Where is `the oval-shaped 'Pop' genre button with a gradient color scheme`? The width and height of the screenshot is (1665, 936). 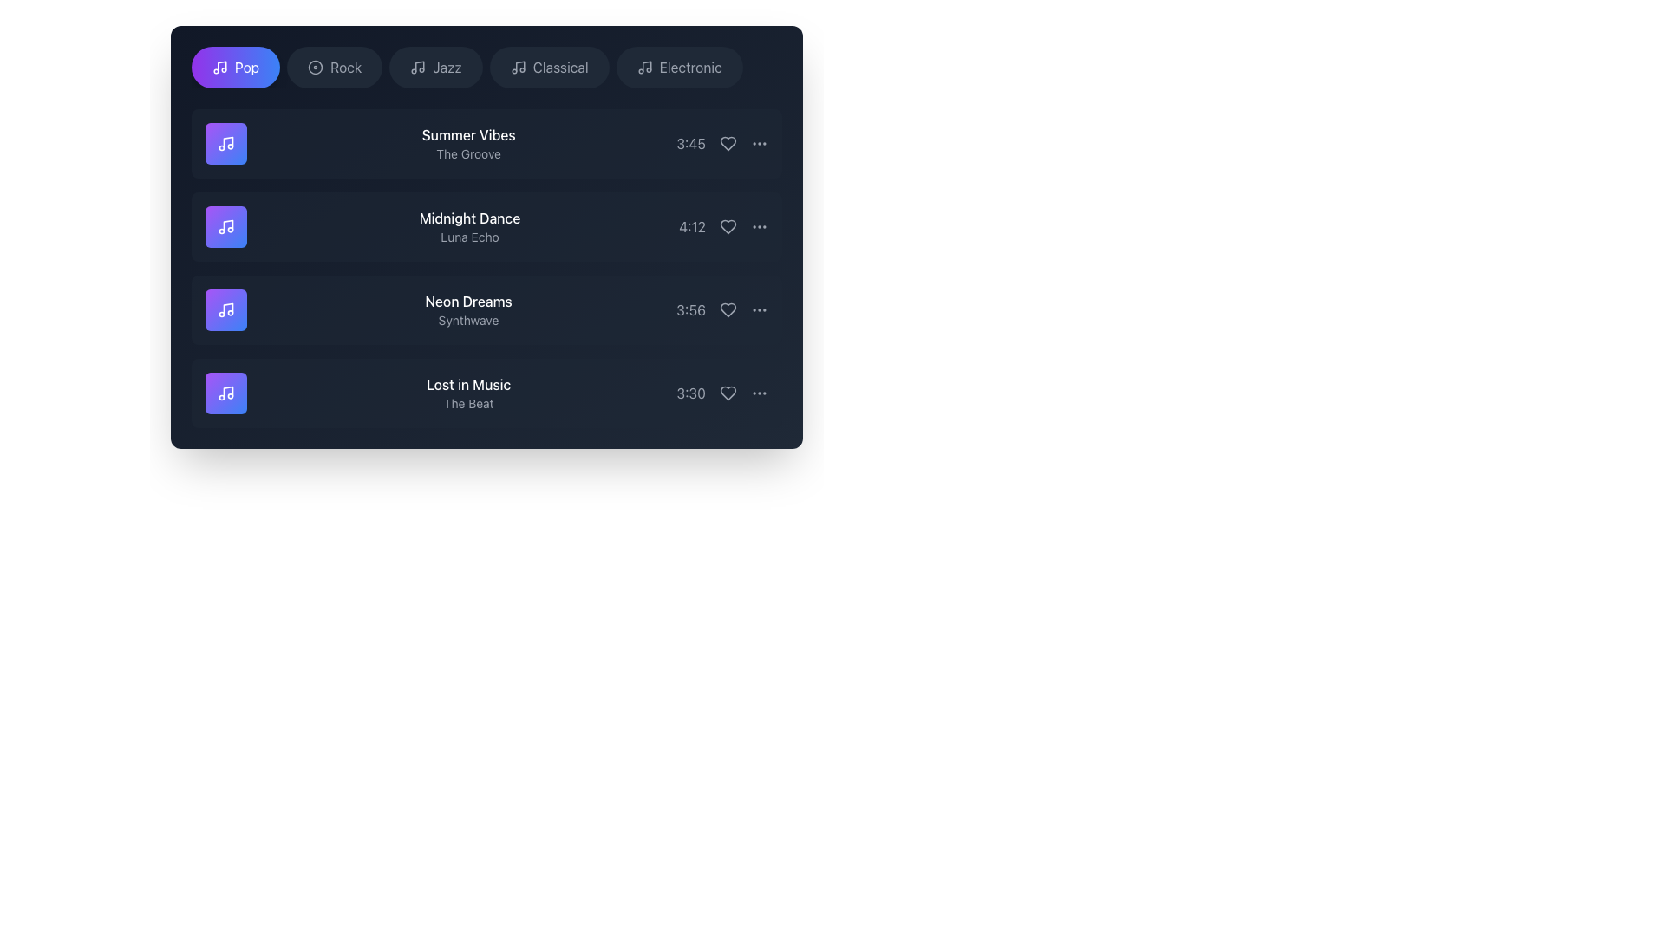 the oval-shaped 'Pop' genre button with a gradient color scheme is located at coordinates (235, 66).